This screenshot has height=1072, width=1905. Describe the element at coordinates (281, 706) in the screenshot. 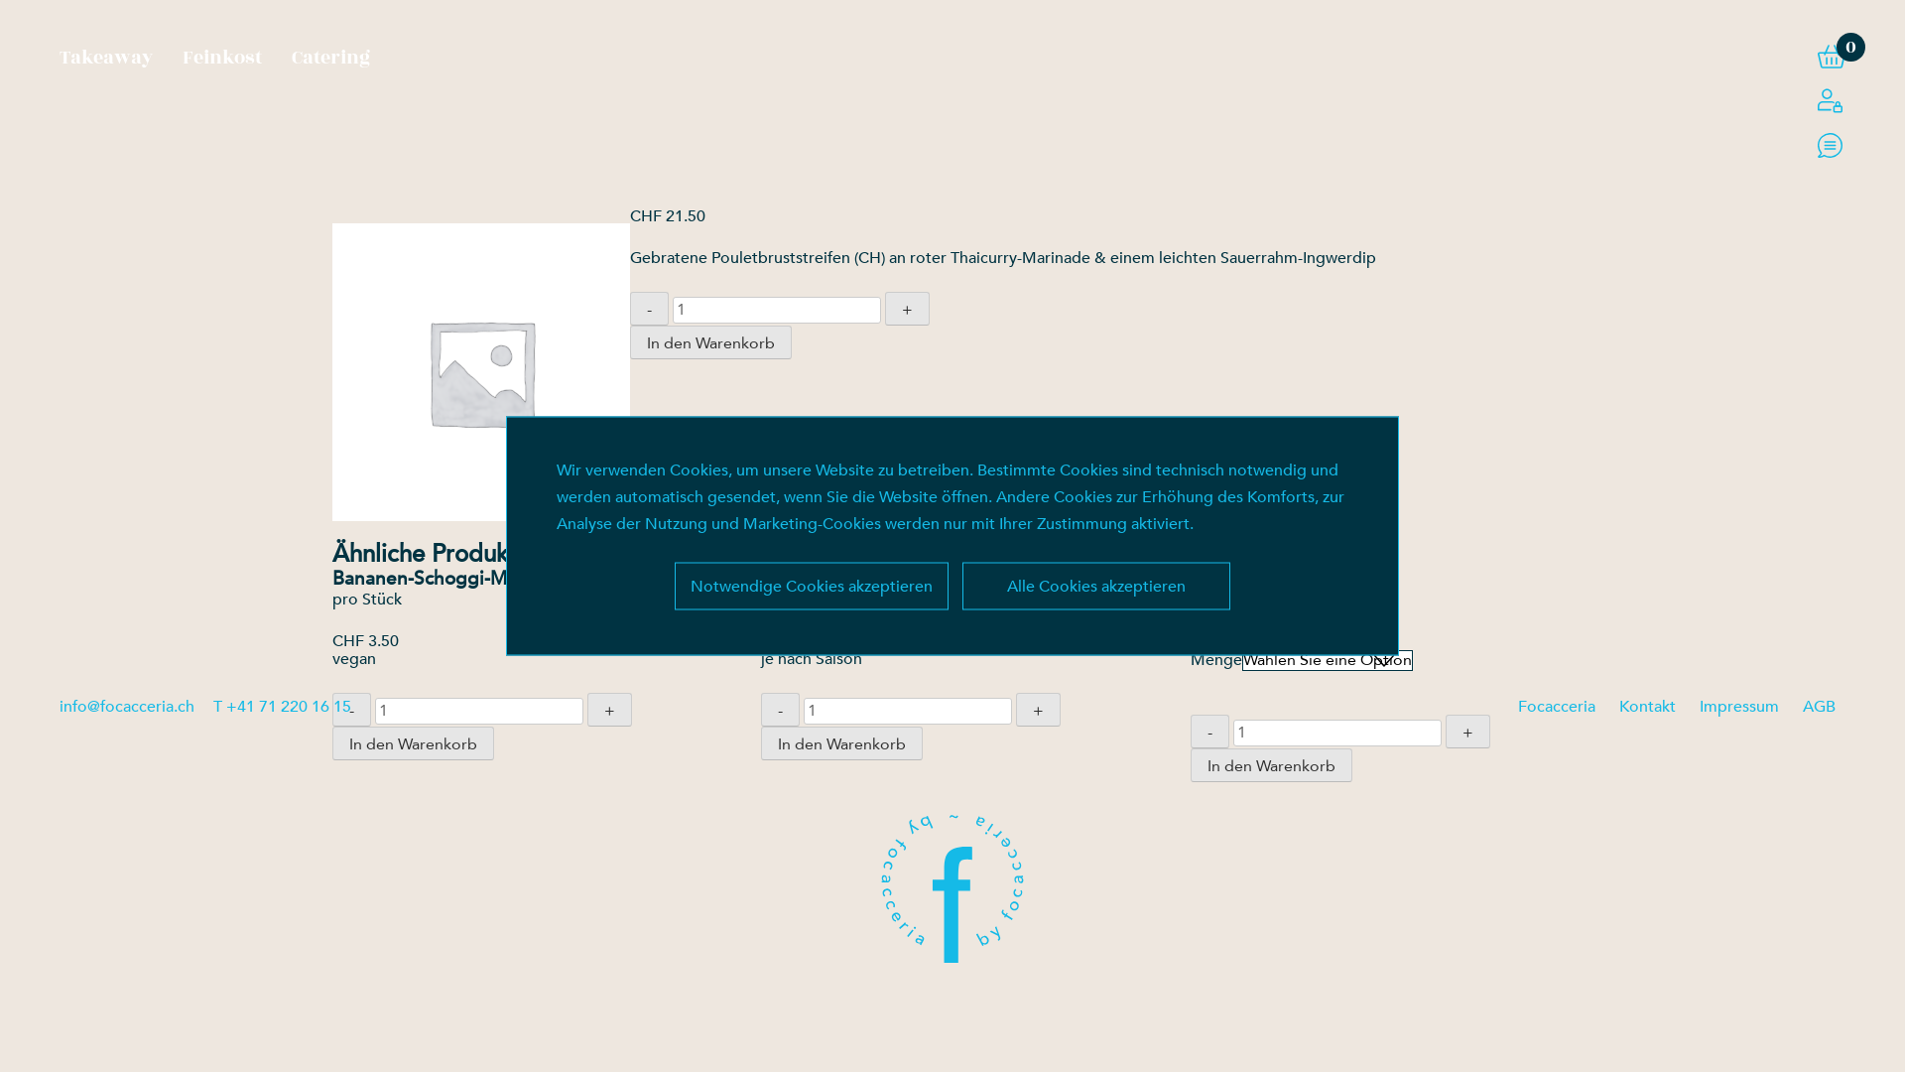

I see `'T +41 71 220 16 15'` at that location.